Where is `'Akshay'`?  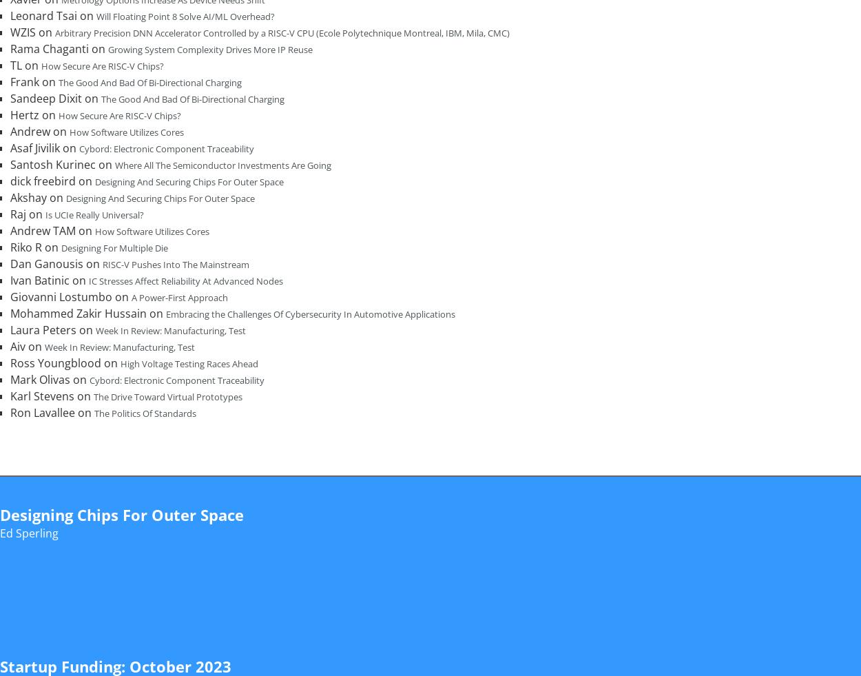
'Akshay' is located at coordinates (28, 197).